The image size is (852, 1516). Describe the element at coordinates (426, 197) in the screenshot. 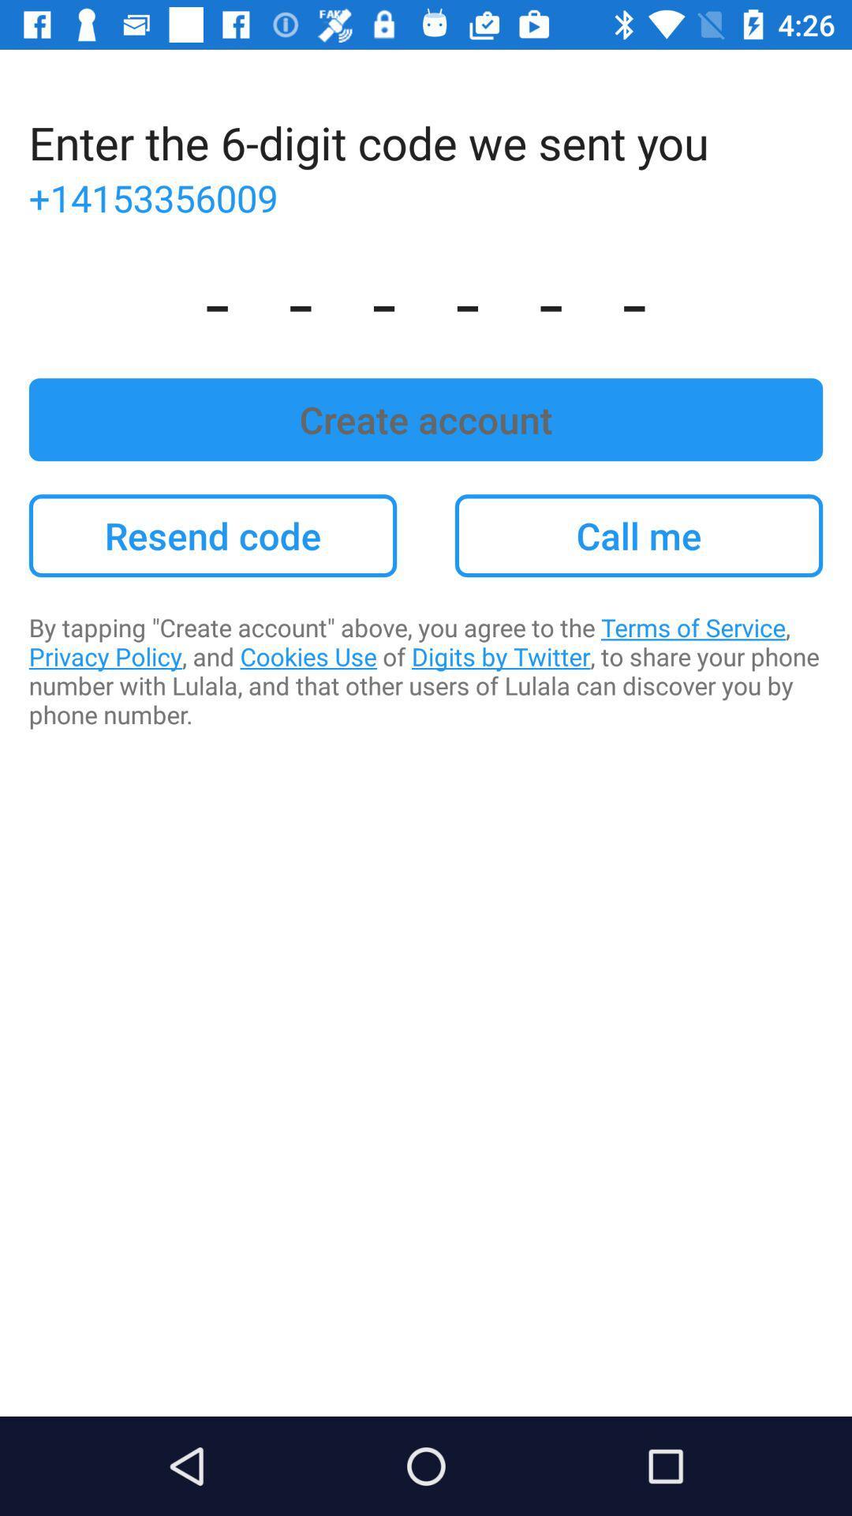

I see `the +14153356009` at that location.